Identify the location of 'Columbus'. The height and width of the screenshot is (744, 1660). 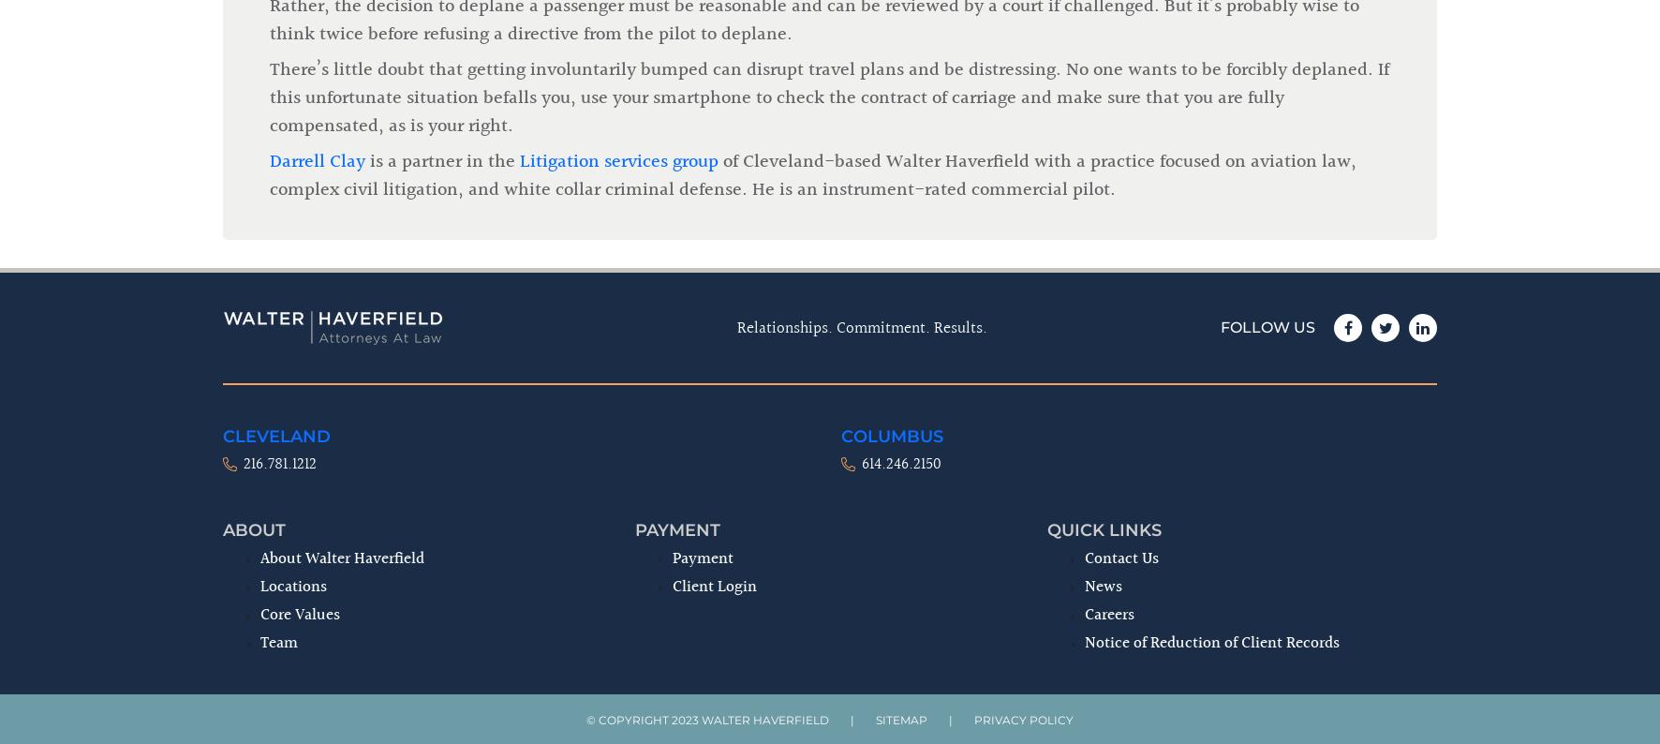
(891, 126).